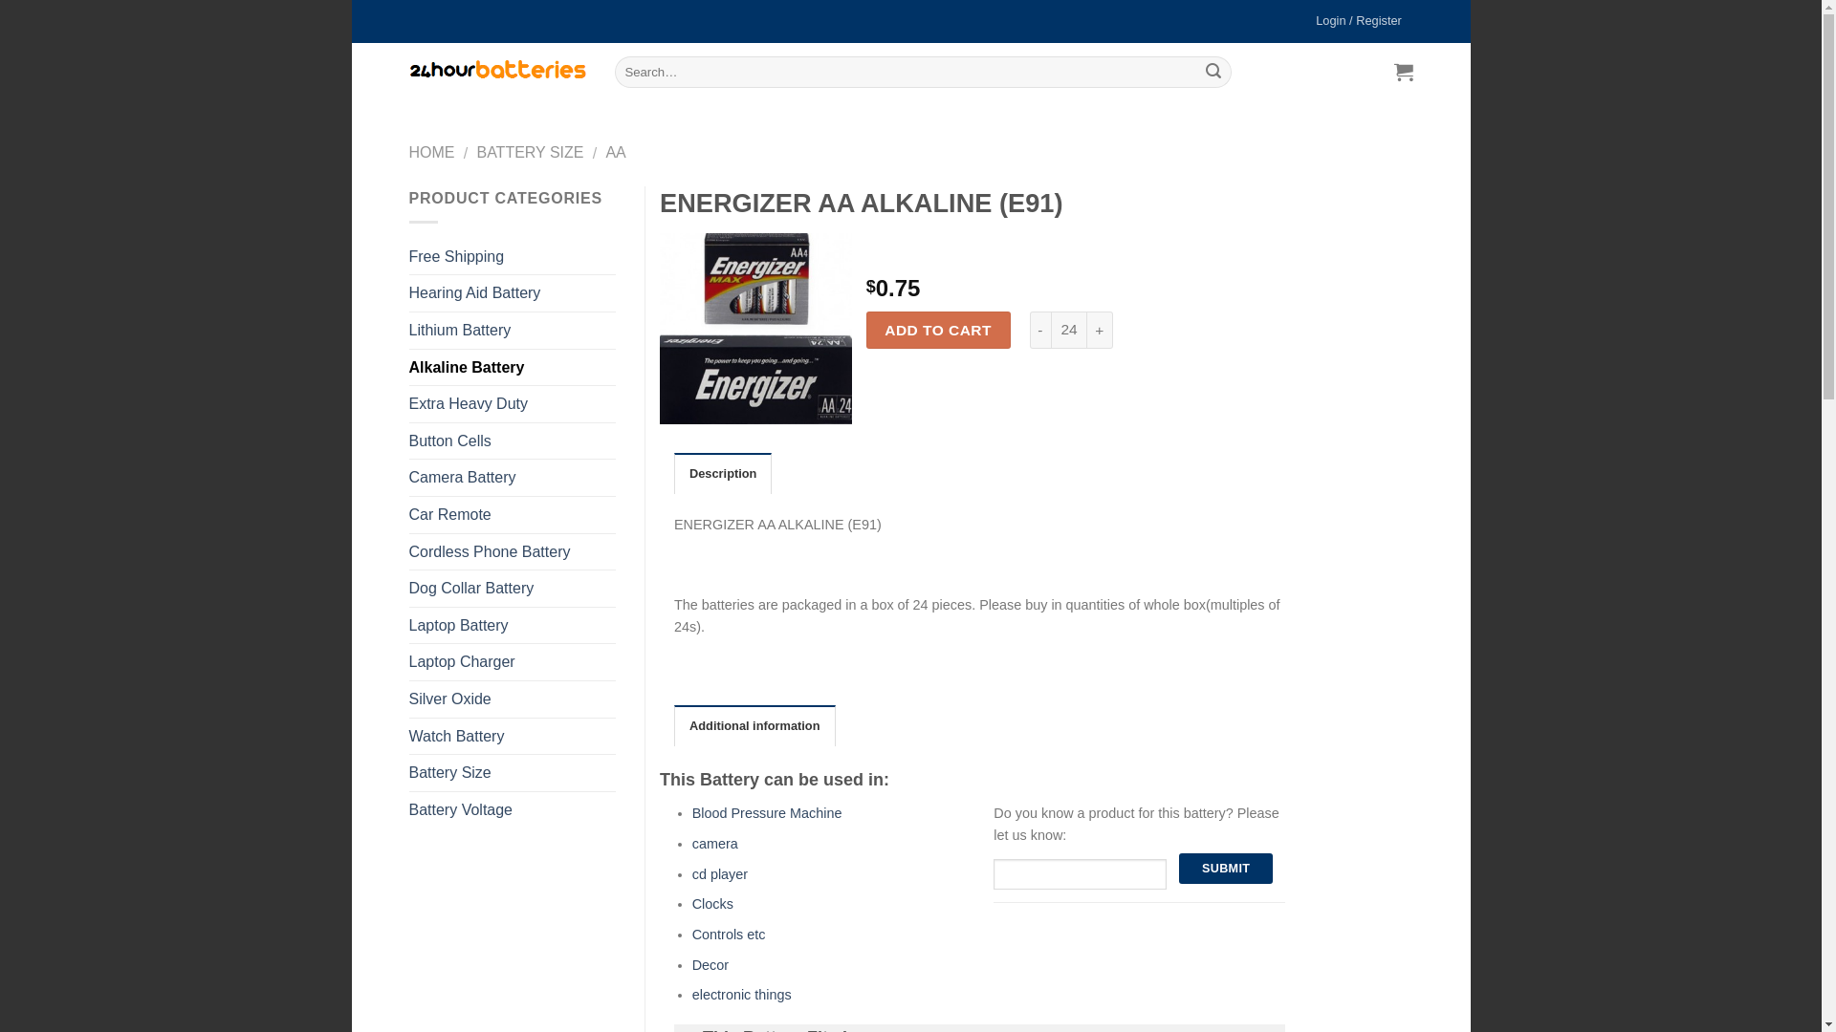 This screenshot has width=1836, height=1032. What do you see at coordinates (513, 293) in the screenshot?
I see `'Hearing Aid Battery'` at bounding box center [513, 293].